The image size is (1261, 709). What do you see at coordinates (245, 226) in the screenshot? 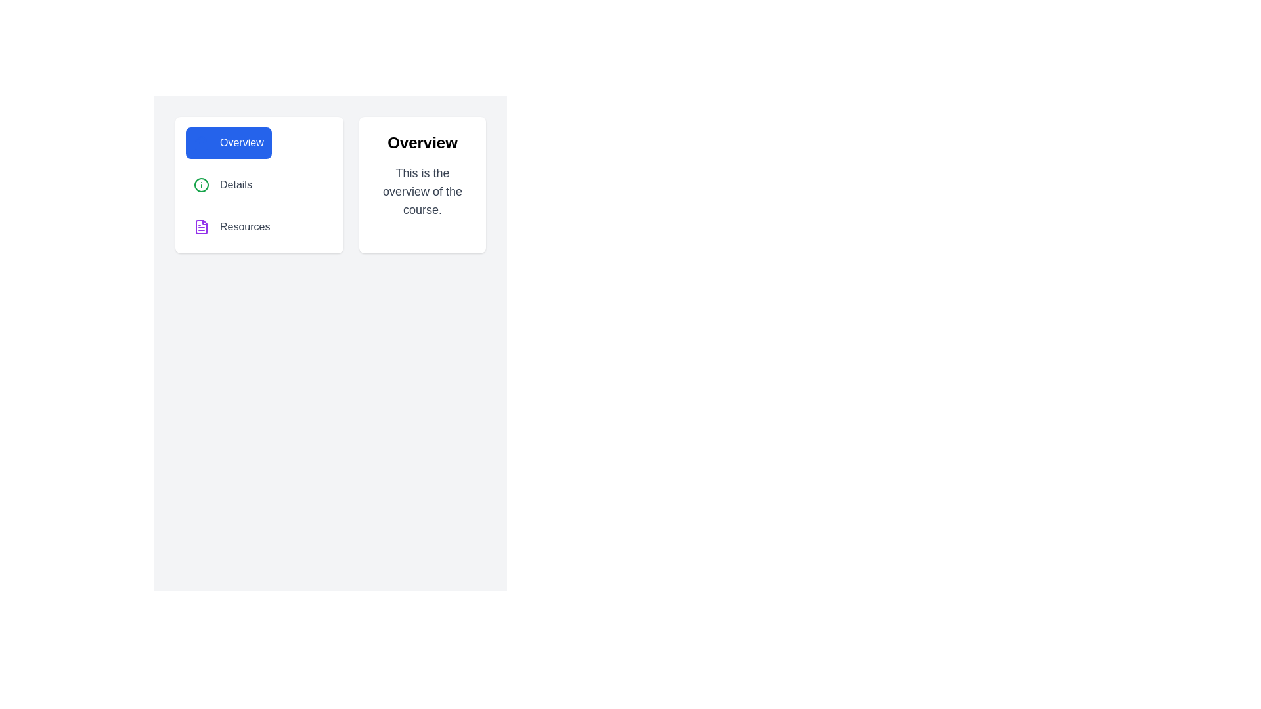
I see `the text label located below the purple file icon in the left-hand column of the interface` at bounding box center [245, 226].